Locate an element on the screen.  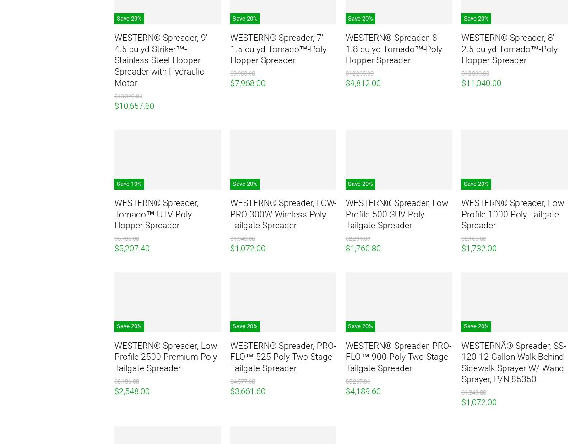
'$2,201.00' is located at coordinates (357, 238).